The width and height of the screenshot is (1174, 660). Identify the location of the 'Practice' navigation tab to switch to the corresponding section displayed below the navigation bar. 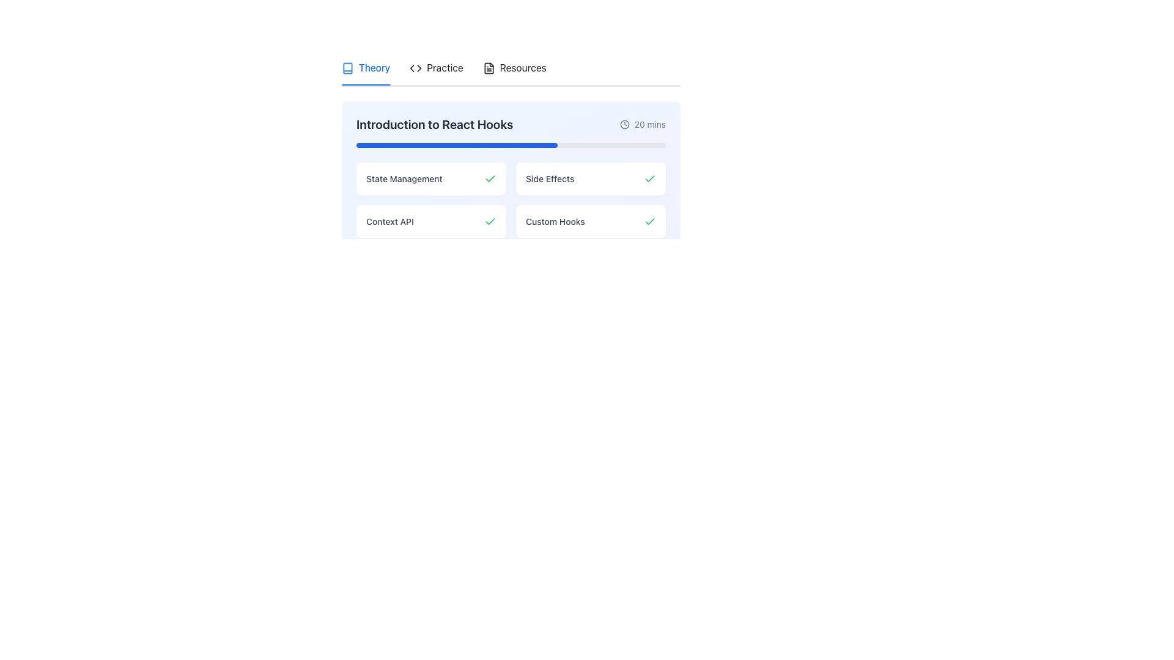
(436, 68).